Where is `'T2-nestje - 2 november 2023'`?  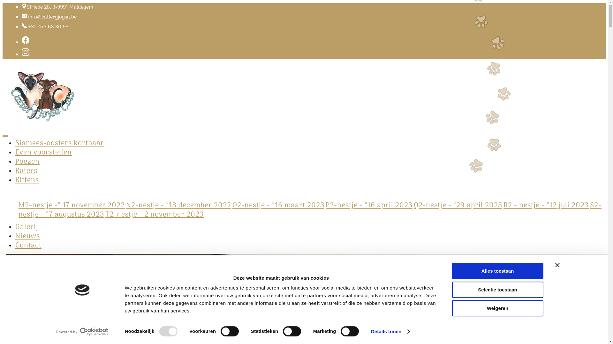 'T2-nestje - 2 november 2023' is located at coordinates (155, 215).